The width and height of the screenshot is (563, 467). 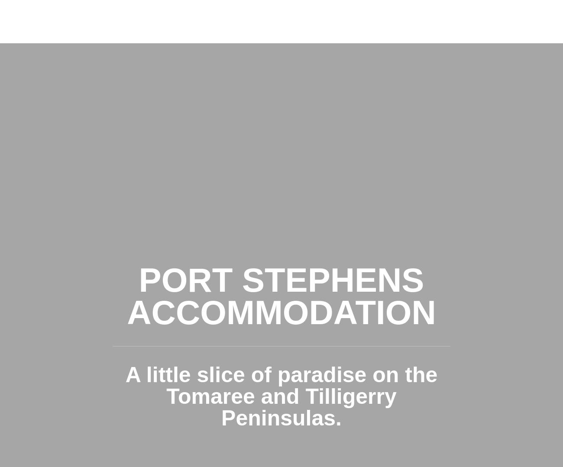 What do you see at coordinates (281, 253) in the screenshot?
I see `'No Pets'` at bounding box center [281, 253].